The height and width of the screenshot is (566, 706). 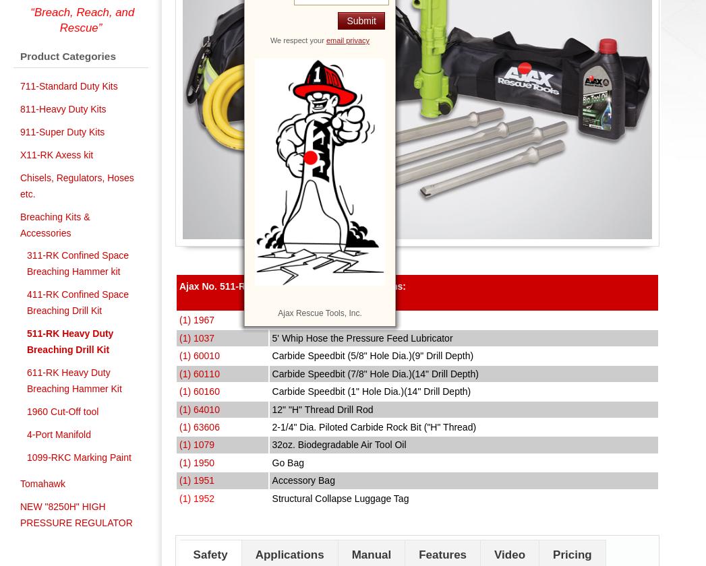 I want to click on '(1) 1952', so click(x=179, y=498).